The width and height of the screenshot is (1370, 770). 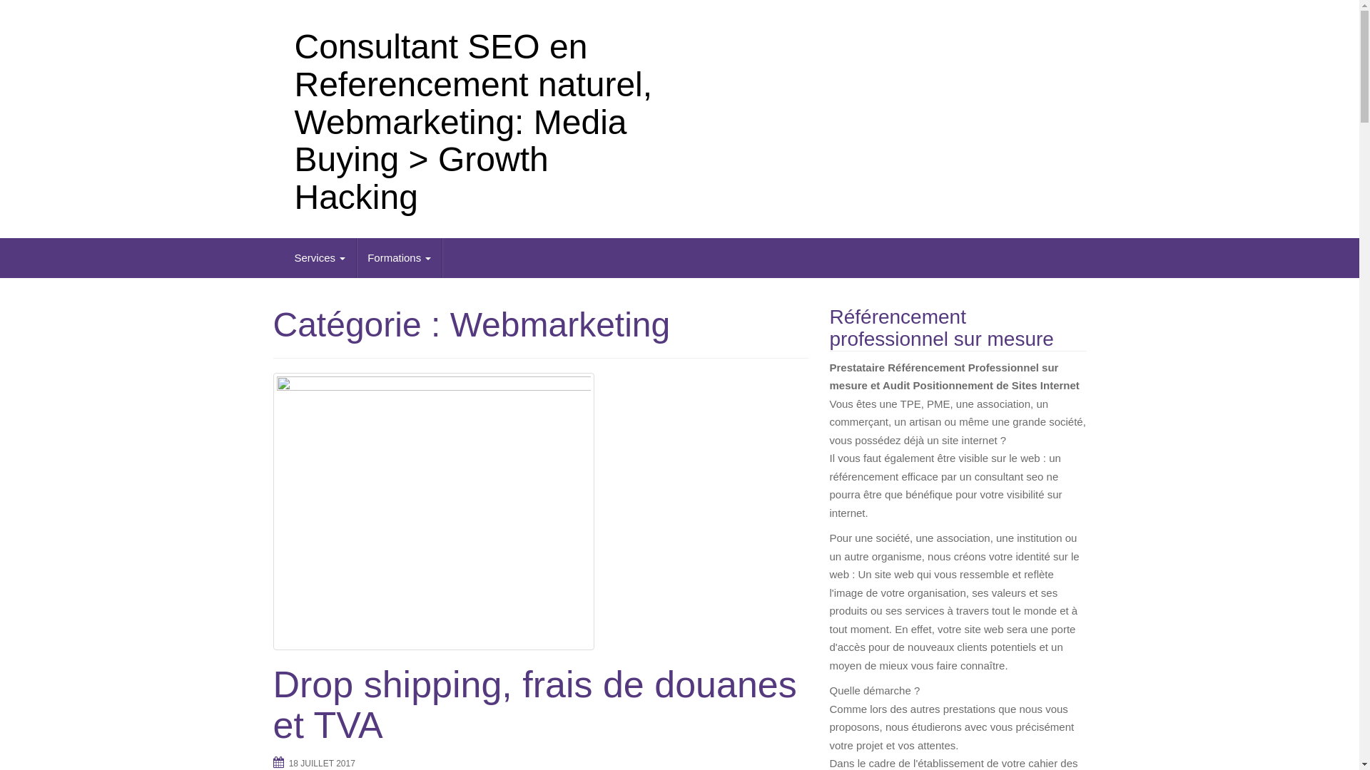 I want to click on 'Services', so click(x=320, y=258).